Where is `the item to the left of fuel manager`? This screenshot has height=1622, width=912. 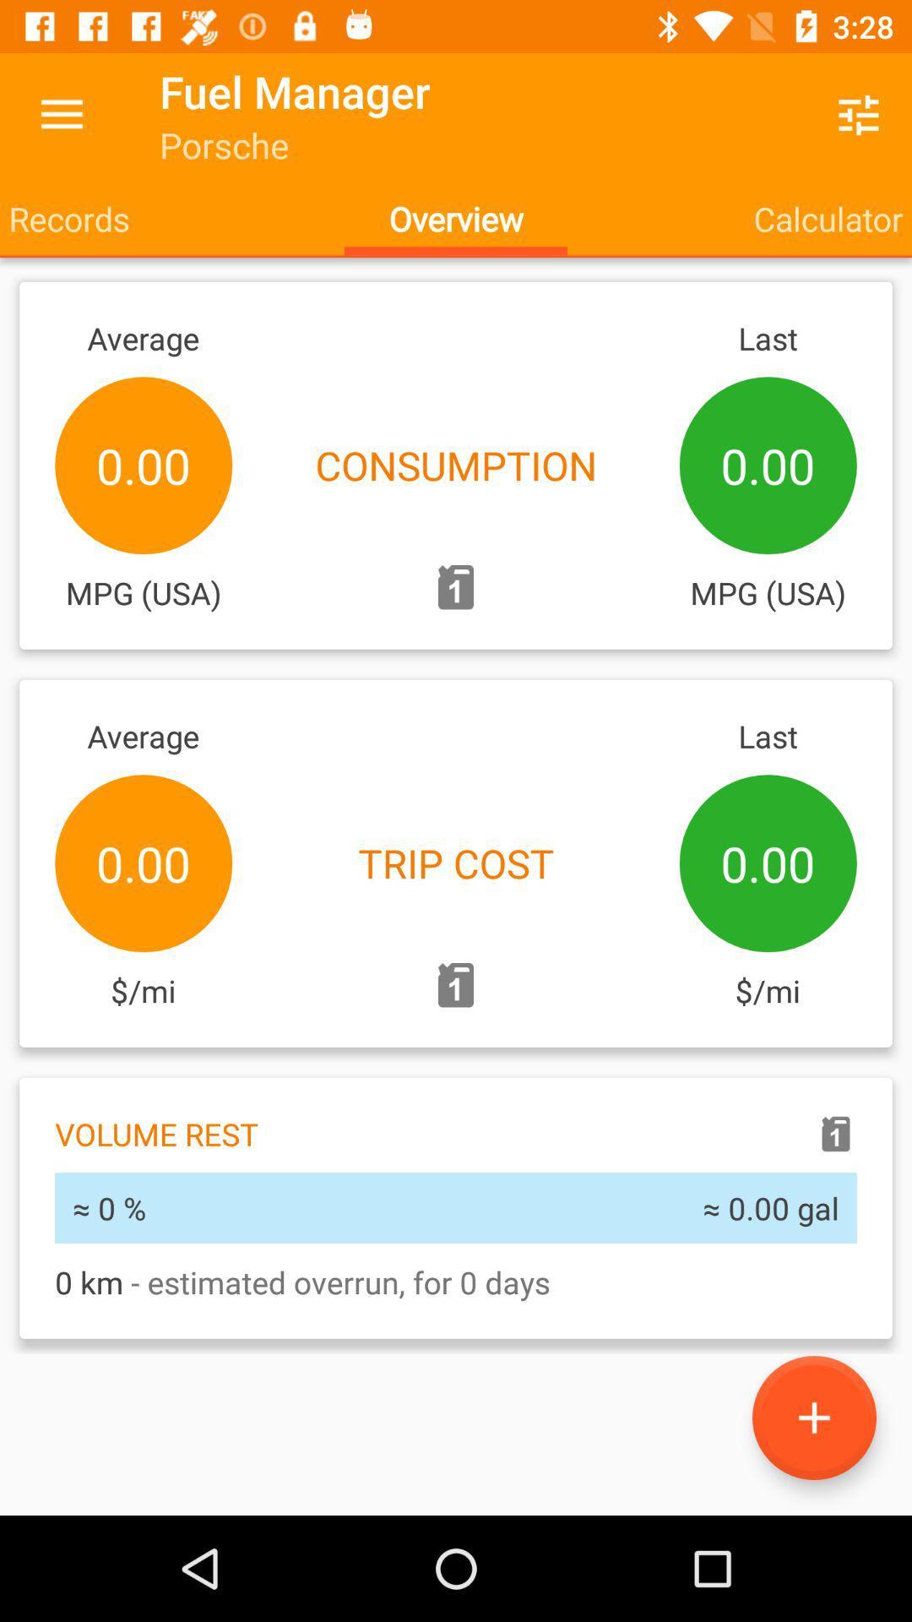
the item to the left of fuel manager is located at coordinates (61, 114).